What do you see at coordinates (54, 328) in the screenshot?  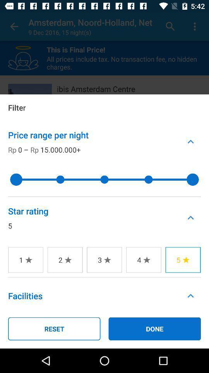 I see `icon next to the done icon` at bounding box center [54, 328].